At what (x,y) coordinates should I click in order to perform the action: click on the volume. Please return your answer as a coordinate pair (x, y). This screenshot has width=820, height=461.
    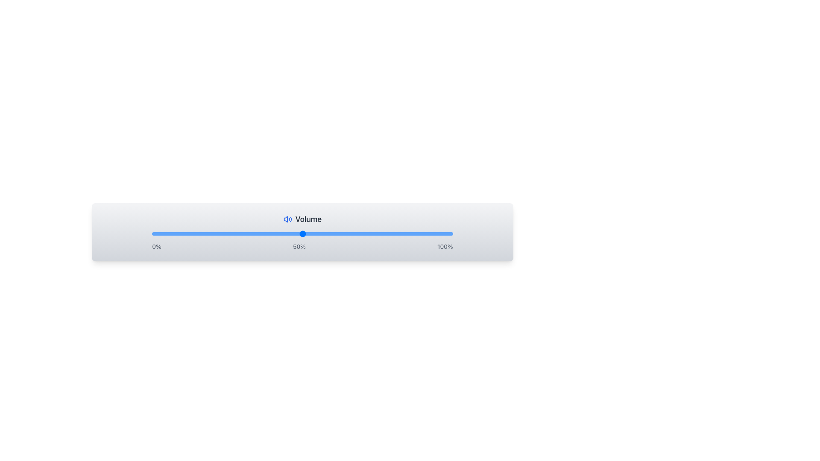
    Looking at the image, I should click on (221, 233).